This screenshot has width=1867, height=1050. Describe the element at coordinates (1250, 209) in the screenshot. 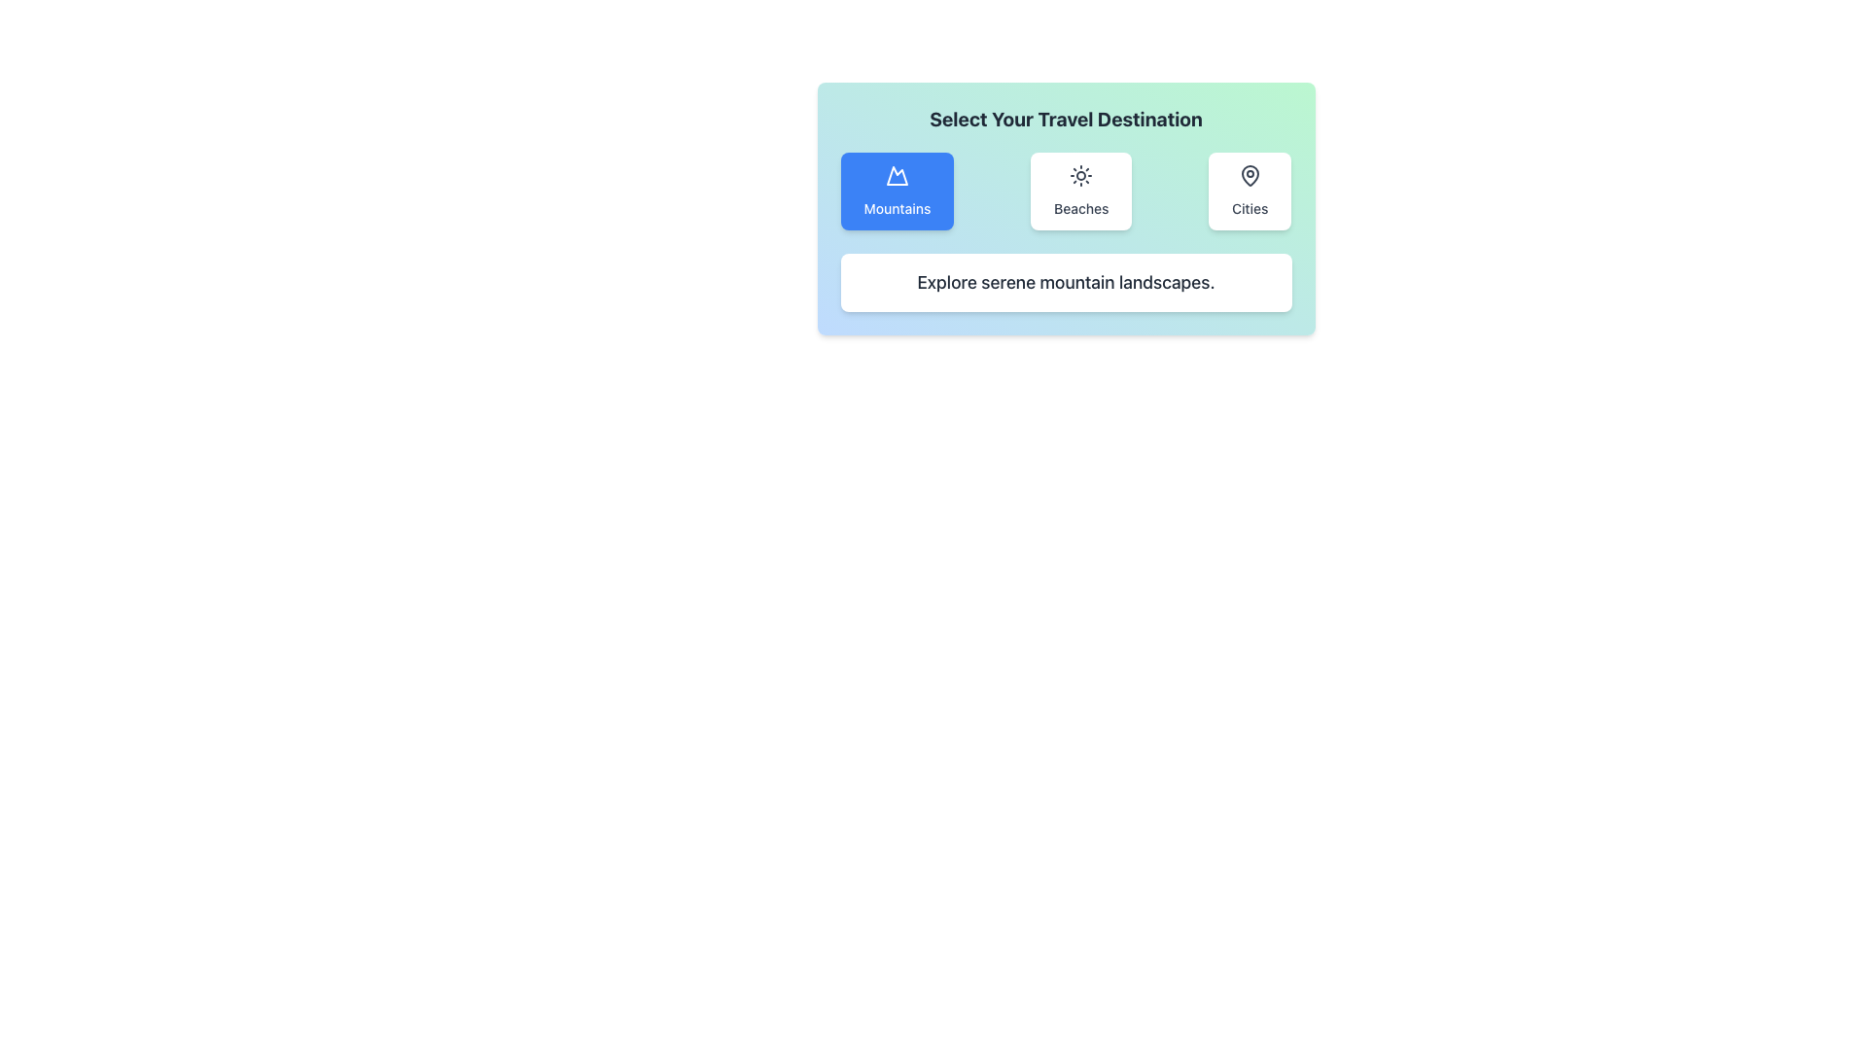

I see `the 'Cities' text label, which is a dark gray label beneath a map pin icon in a rounded rectangular button on the right side of a row with buttons for 'Mountains' and 'Beaches'` at that location.